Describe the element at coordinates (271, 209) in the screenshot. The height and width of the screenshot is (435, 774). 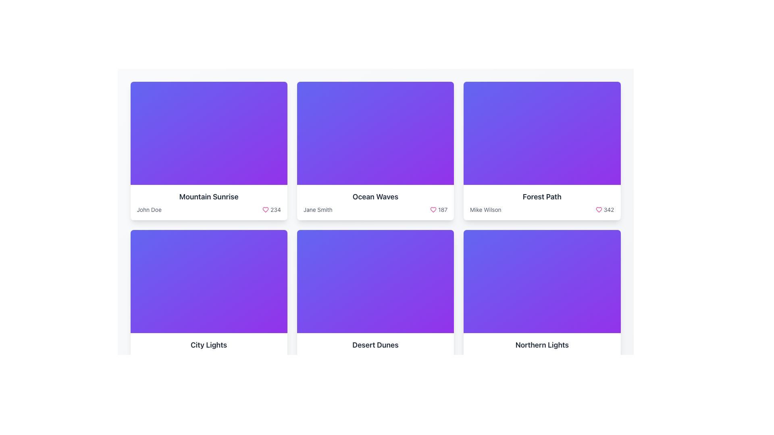
I see `the Like counter consisting of a pink heart icon and the number '234' in gray text, located at the bottom-right corner of the 'Mountain Sunrise' card, adjacent to 'John Doe'` at that location.